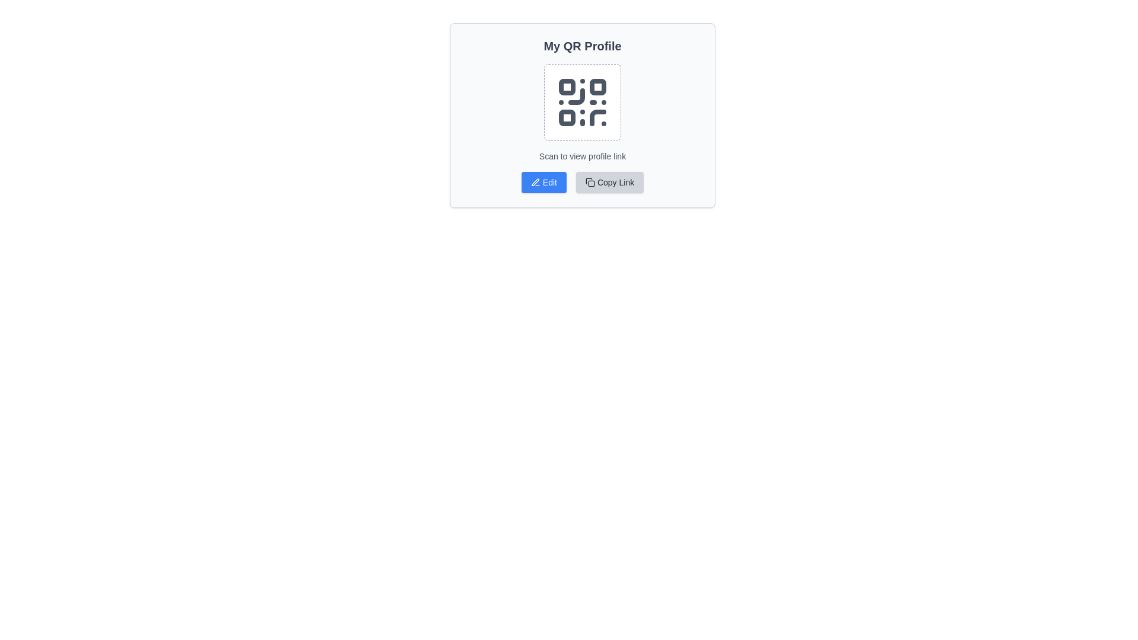 The image size is (1138, 640). Describe the element at coordinates (583, 45) in the screenshot. I see `the text element displaying 'My QR Profile', which is styled in bold and large font, positioned at the top of a card-like layout with rounded corners` at that location.